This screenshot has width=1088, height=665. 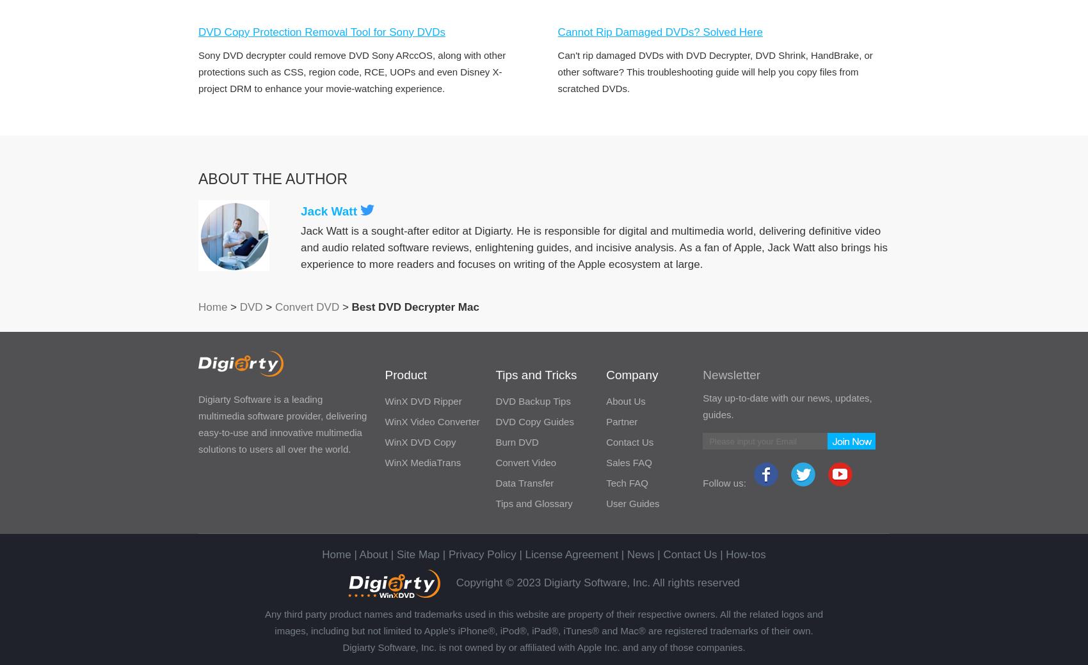 What do you see at coordinates (372, 554) in the screenshot?
I see `'About'` at bounding box center [372, 554].